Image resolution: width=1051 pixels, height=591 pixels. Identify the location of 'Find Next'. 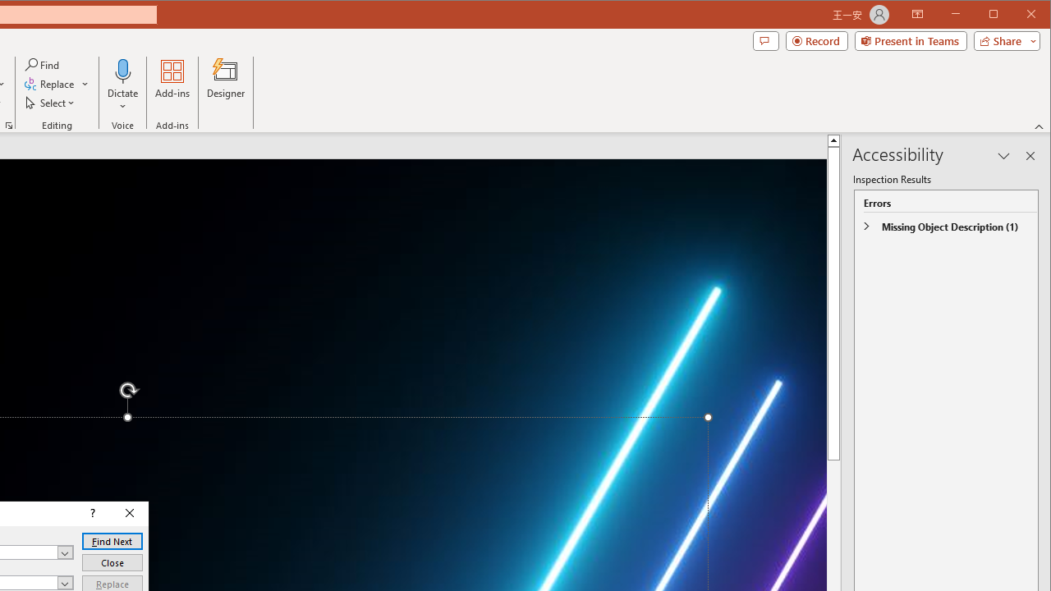
(111, 541).